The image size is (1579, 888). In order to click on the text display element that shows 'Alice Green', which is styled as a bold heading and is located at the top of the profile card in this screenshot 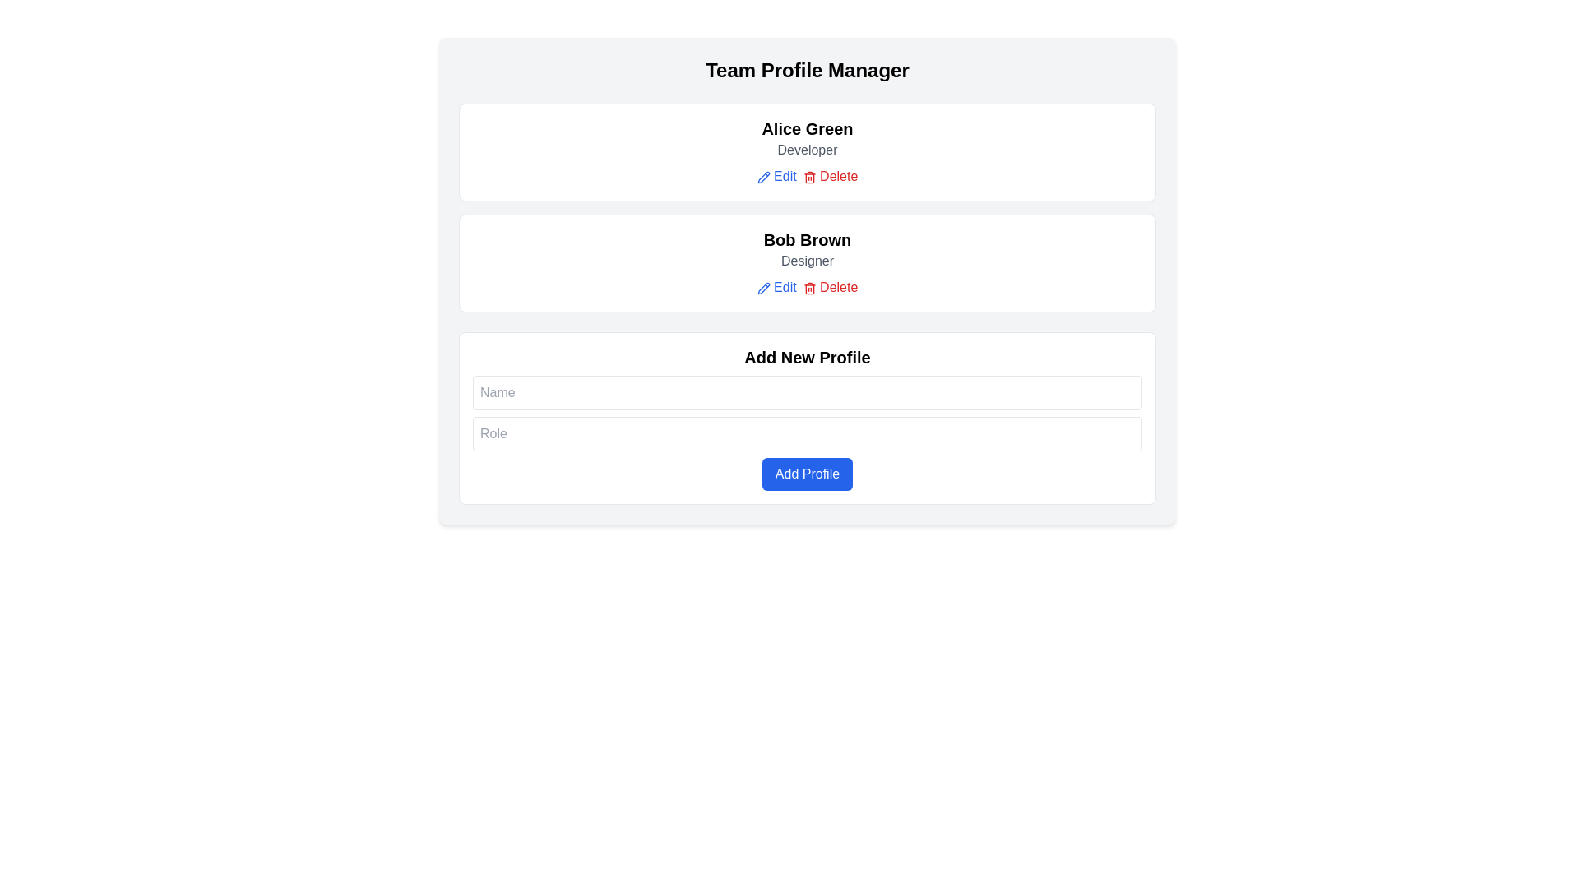, I will do `click(808, 128)`.